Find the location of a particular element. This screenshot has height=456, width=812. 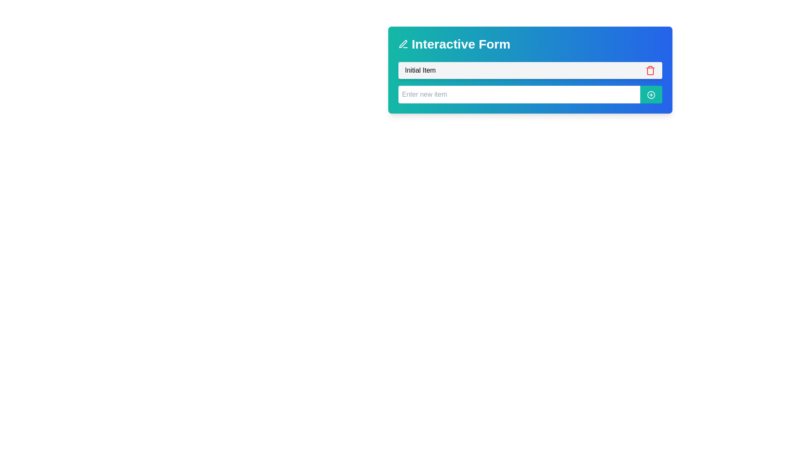

the SVG Circle with a green background located in the top-right area of the second text input field adjacent to the 'Enter new item' placeholder is located at coordinates (650, 95).